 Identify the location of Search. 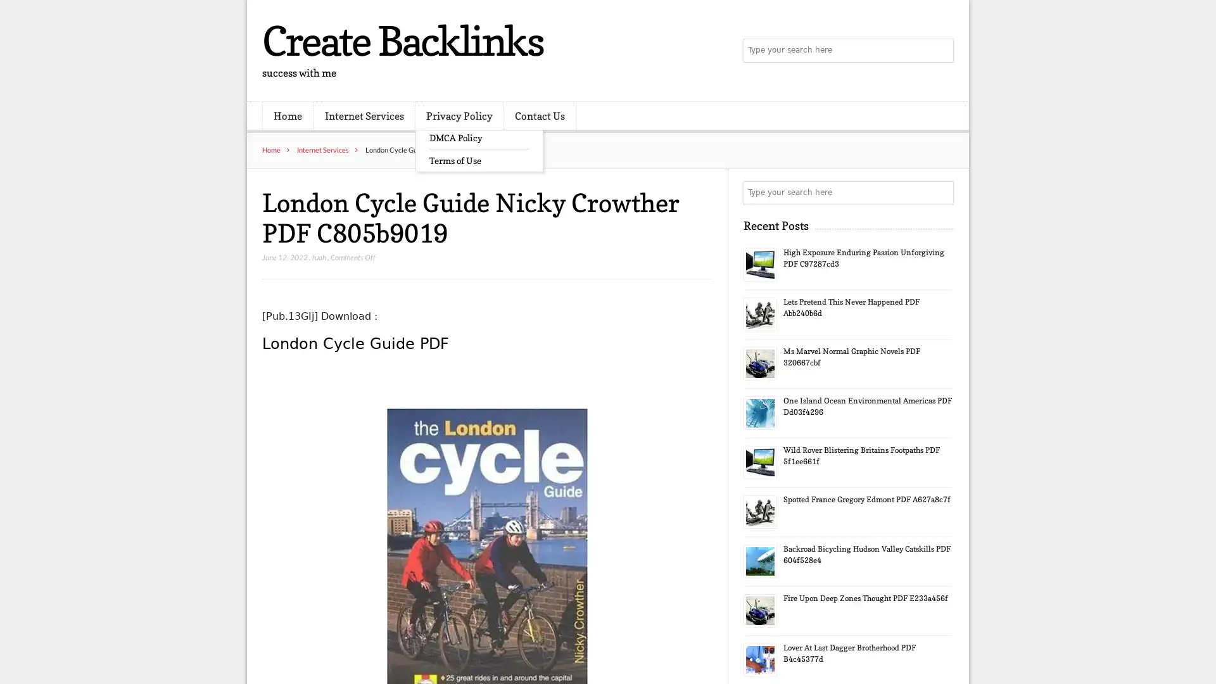
(940, 51).